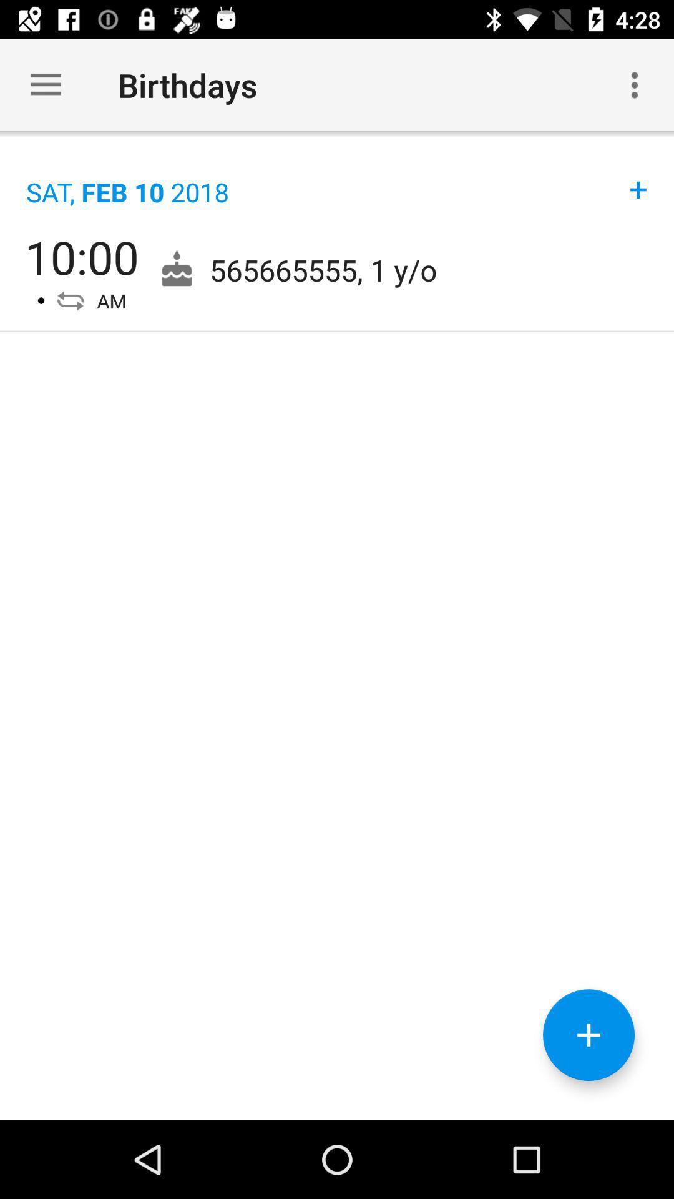 The height and width of the screenshot is (1199, 674). Describe the element at coordinates (589, 1035) in the screenshot. I see `item below 565665555 1 y item` at that location.